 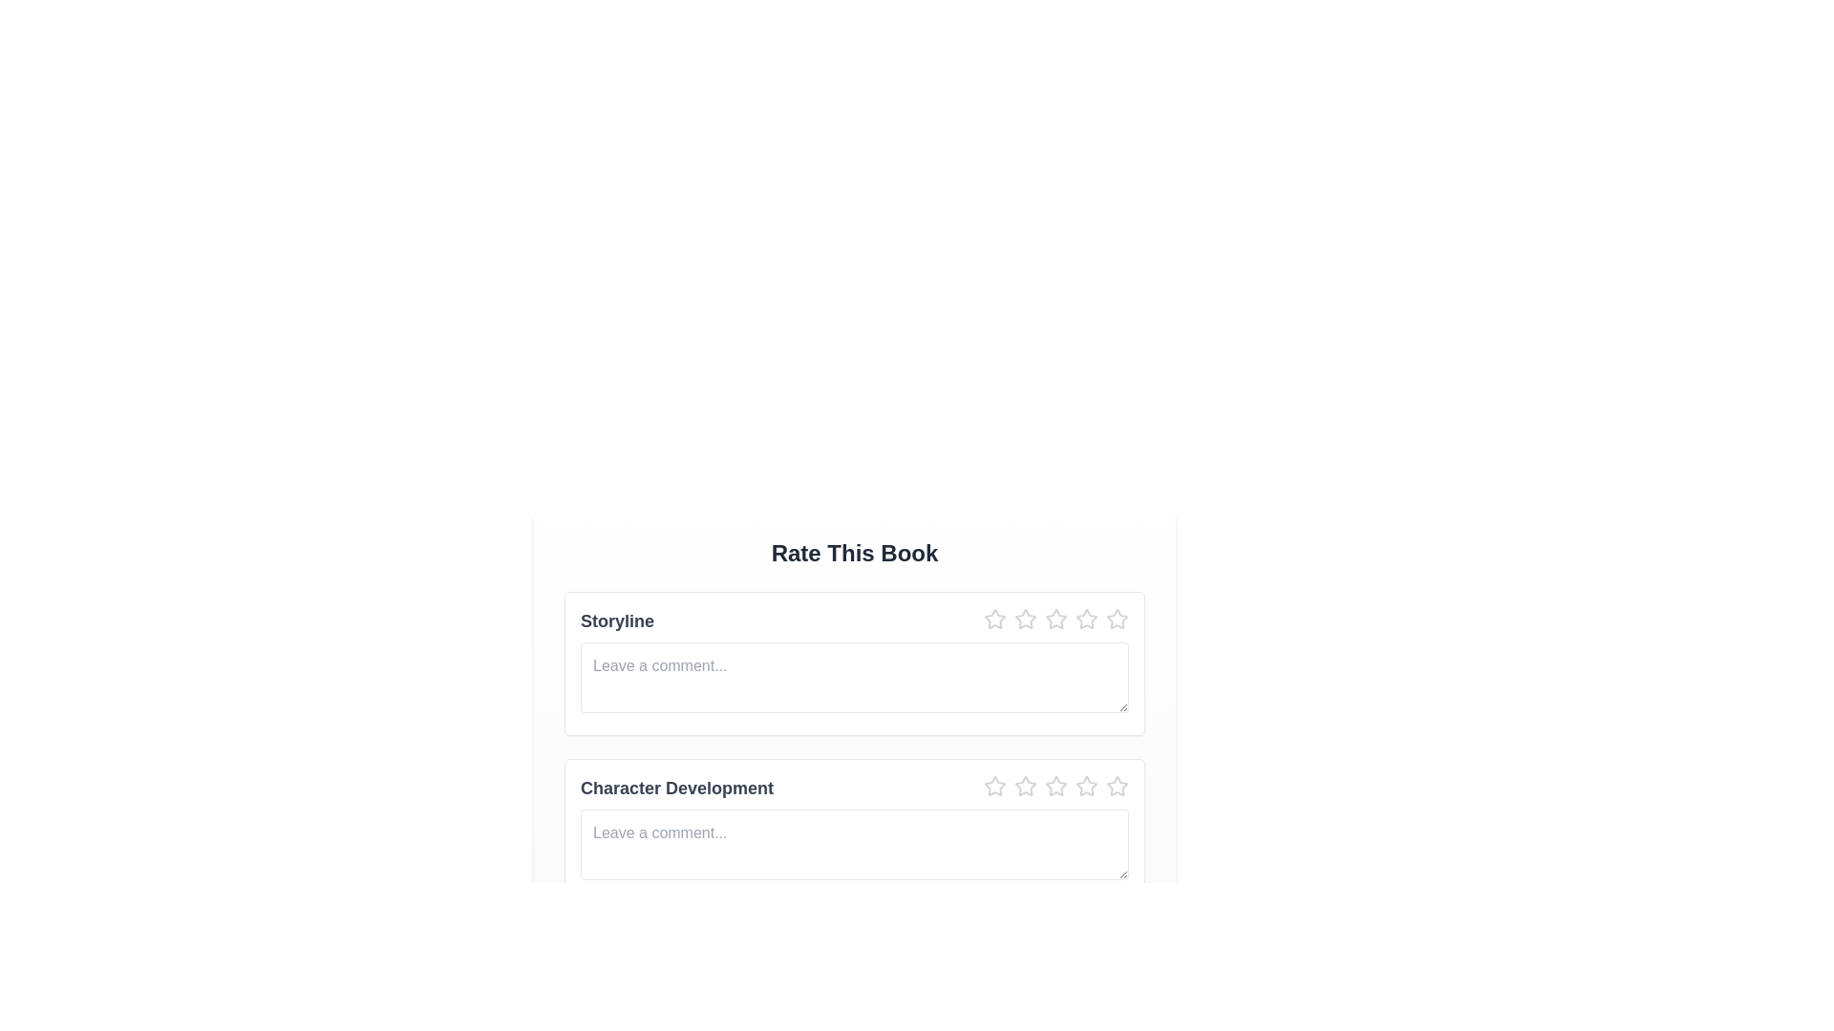 What do you see at coordinates (1055, 787) in the screenshot?
I see `the fifth star-shaped rating icon in gray color under the 'Character Development' section of the 'Rate This Book' form` at bounding box center [1055, 787].